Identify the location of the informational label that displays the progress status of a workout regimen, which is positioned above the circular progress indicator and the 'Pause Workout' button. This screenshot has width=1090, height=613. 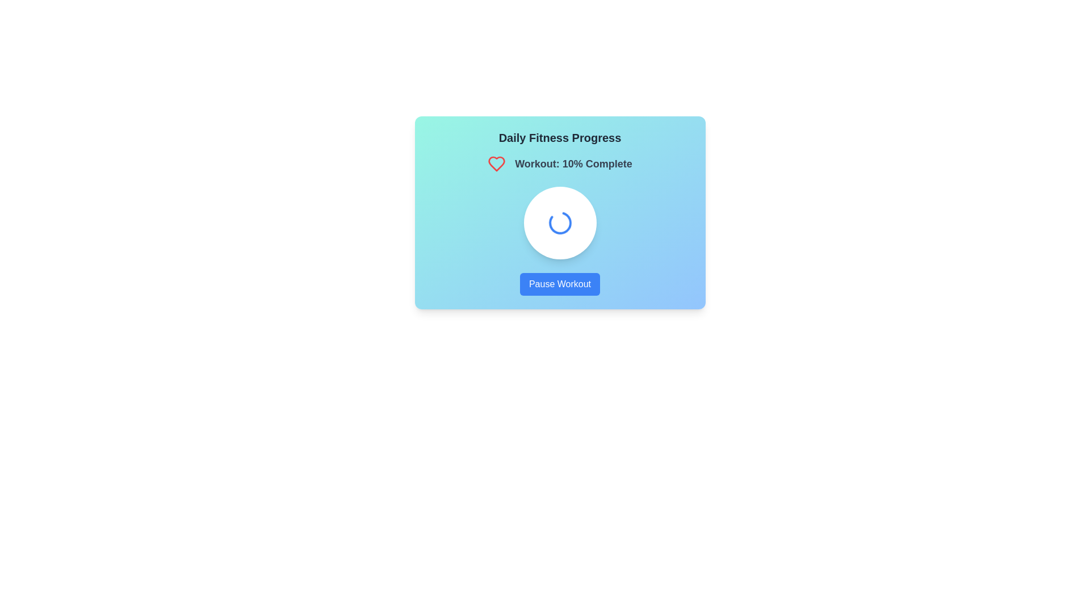
(560, 164).